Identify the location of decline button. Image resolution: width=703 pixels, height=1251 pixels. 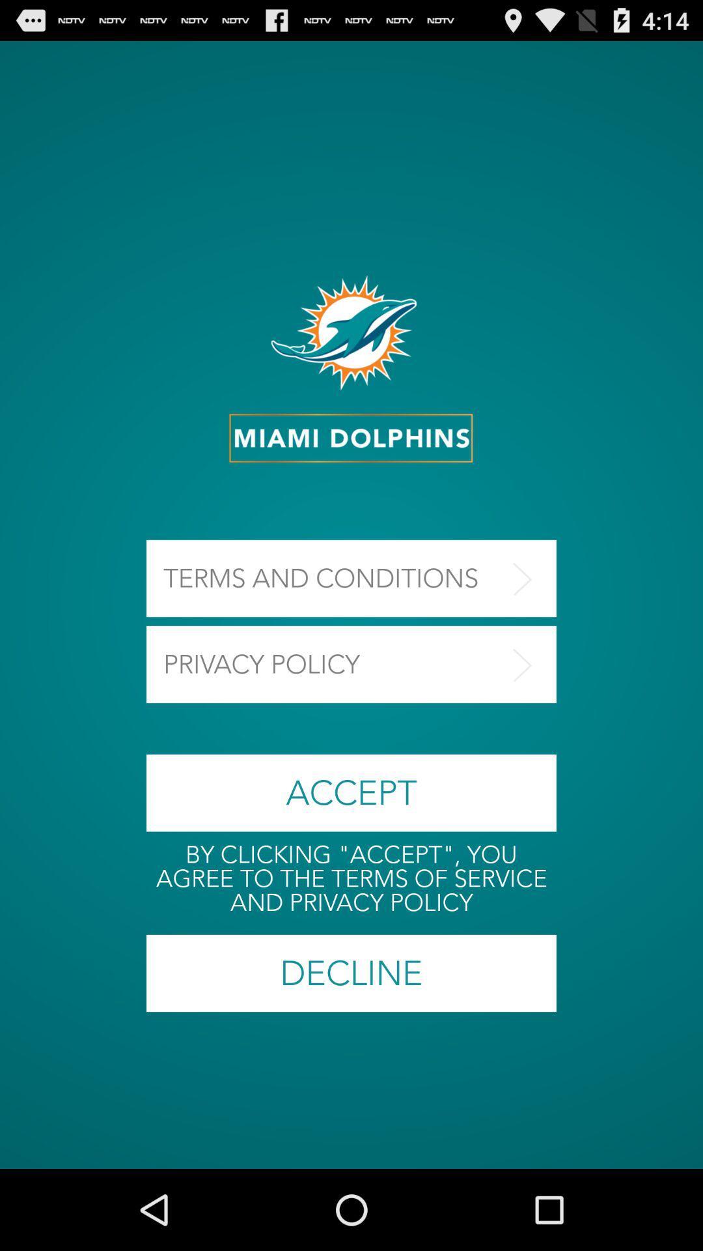
(351, 973).